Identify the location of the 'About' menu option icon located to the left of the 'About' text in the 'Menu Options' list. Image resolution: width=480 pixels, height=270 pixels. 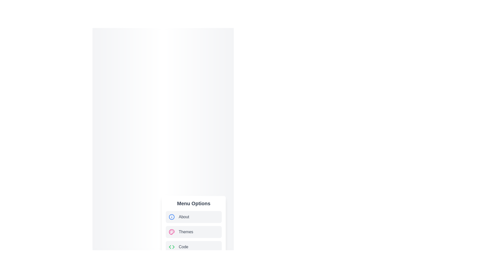
(171, 216).